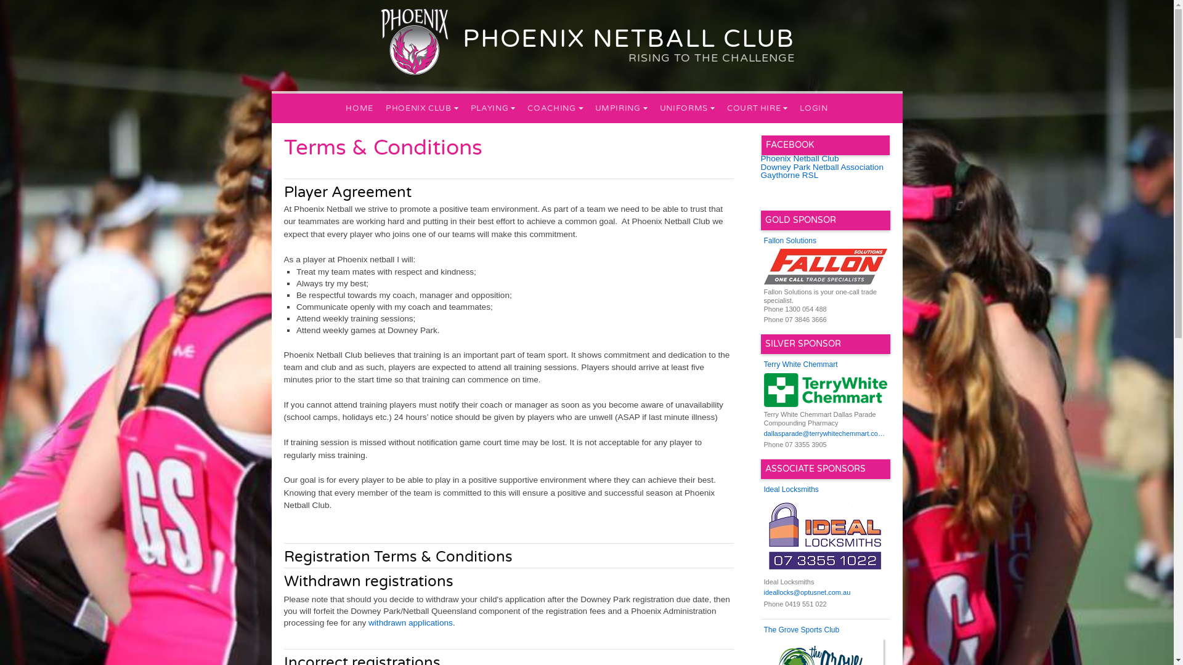 This screenshot has width=1183, height=665. What do you see at coordinates (825, 241) in the screenshot?
I see `'Fallon Solutions'` at bounding box center [825, 241].